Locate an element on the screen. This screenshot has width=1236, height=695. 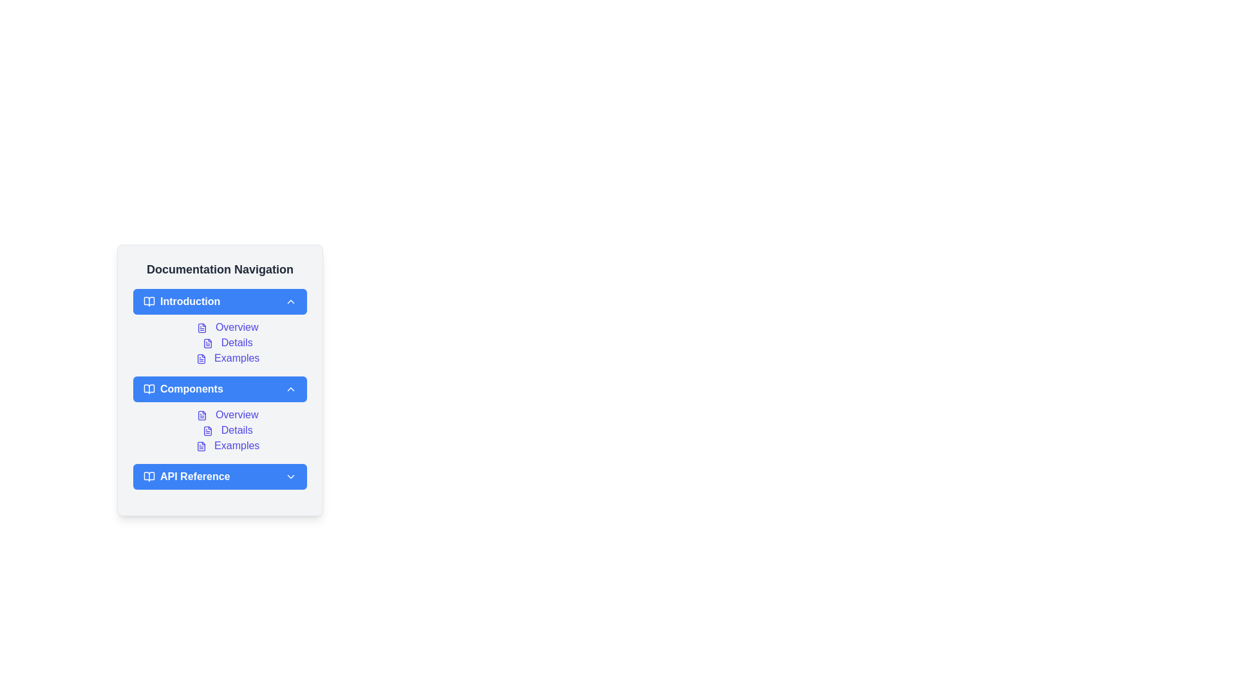
the open book icon located to the left of the 'Introduction' text in the 'Documentation Navigation' menu is located at coordinates (149, 302).